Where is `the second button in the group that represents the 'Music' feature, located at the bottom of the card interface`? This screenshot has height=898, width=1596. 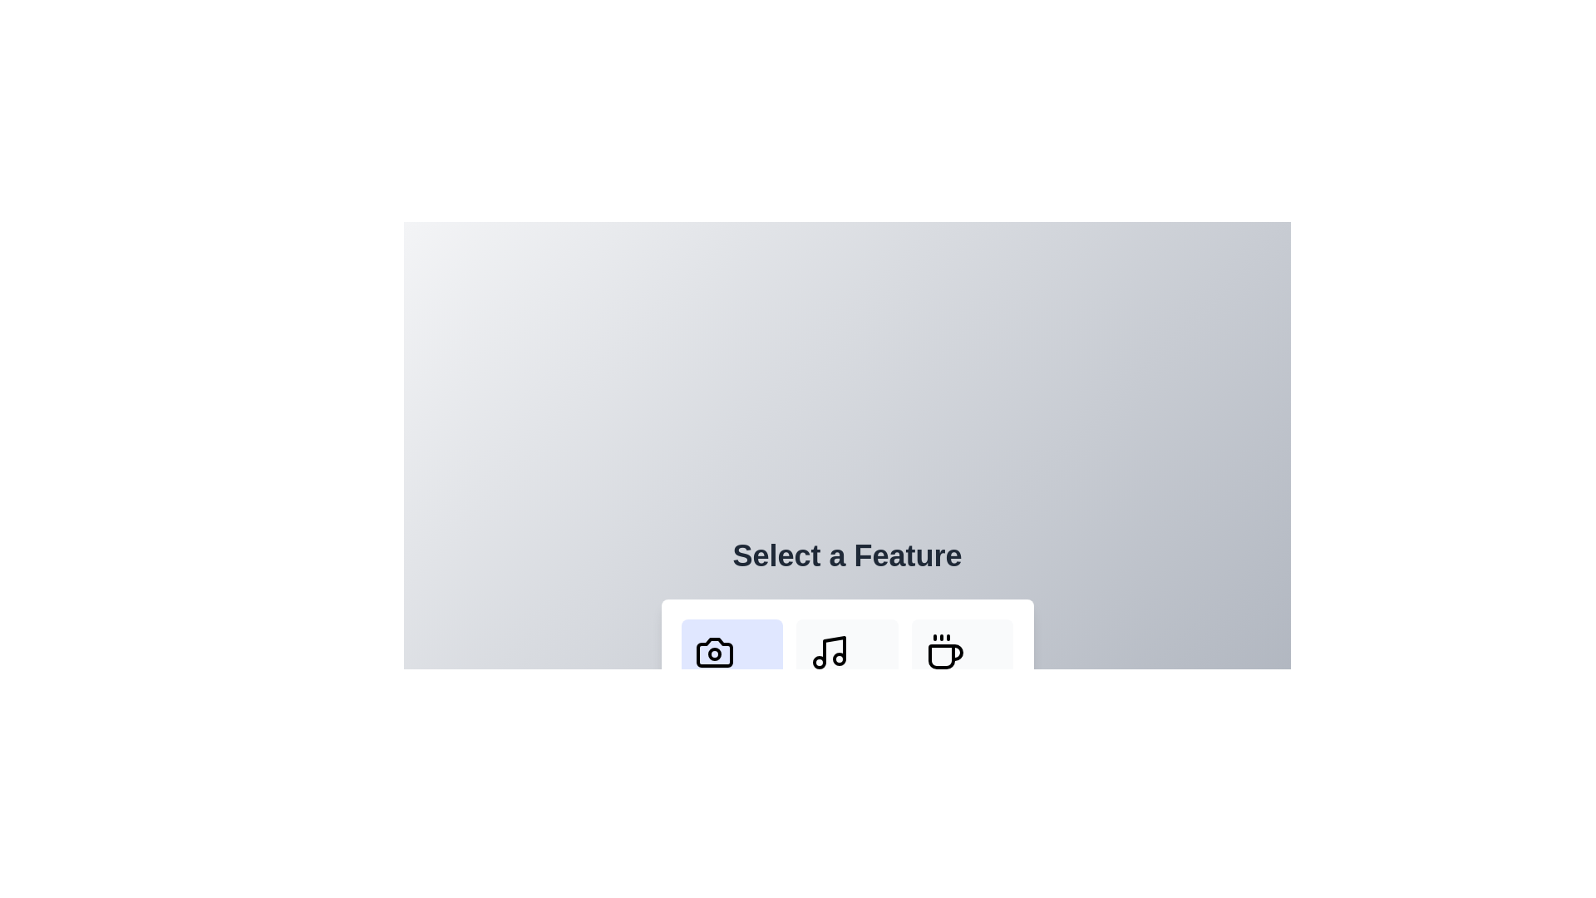
the second button in the group that represents the 'Music' feature, located at the bottom of the card interface is located at coordinates (847, 666).